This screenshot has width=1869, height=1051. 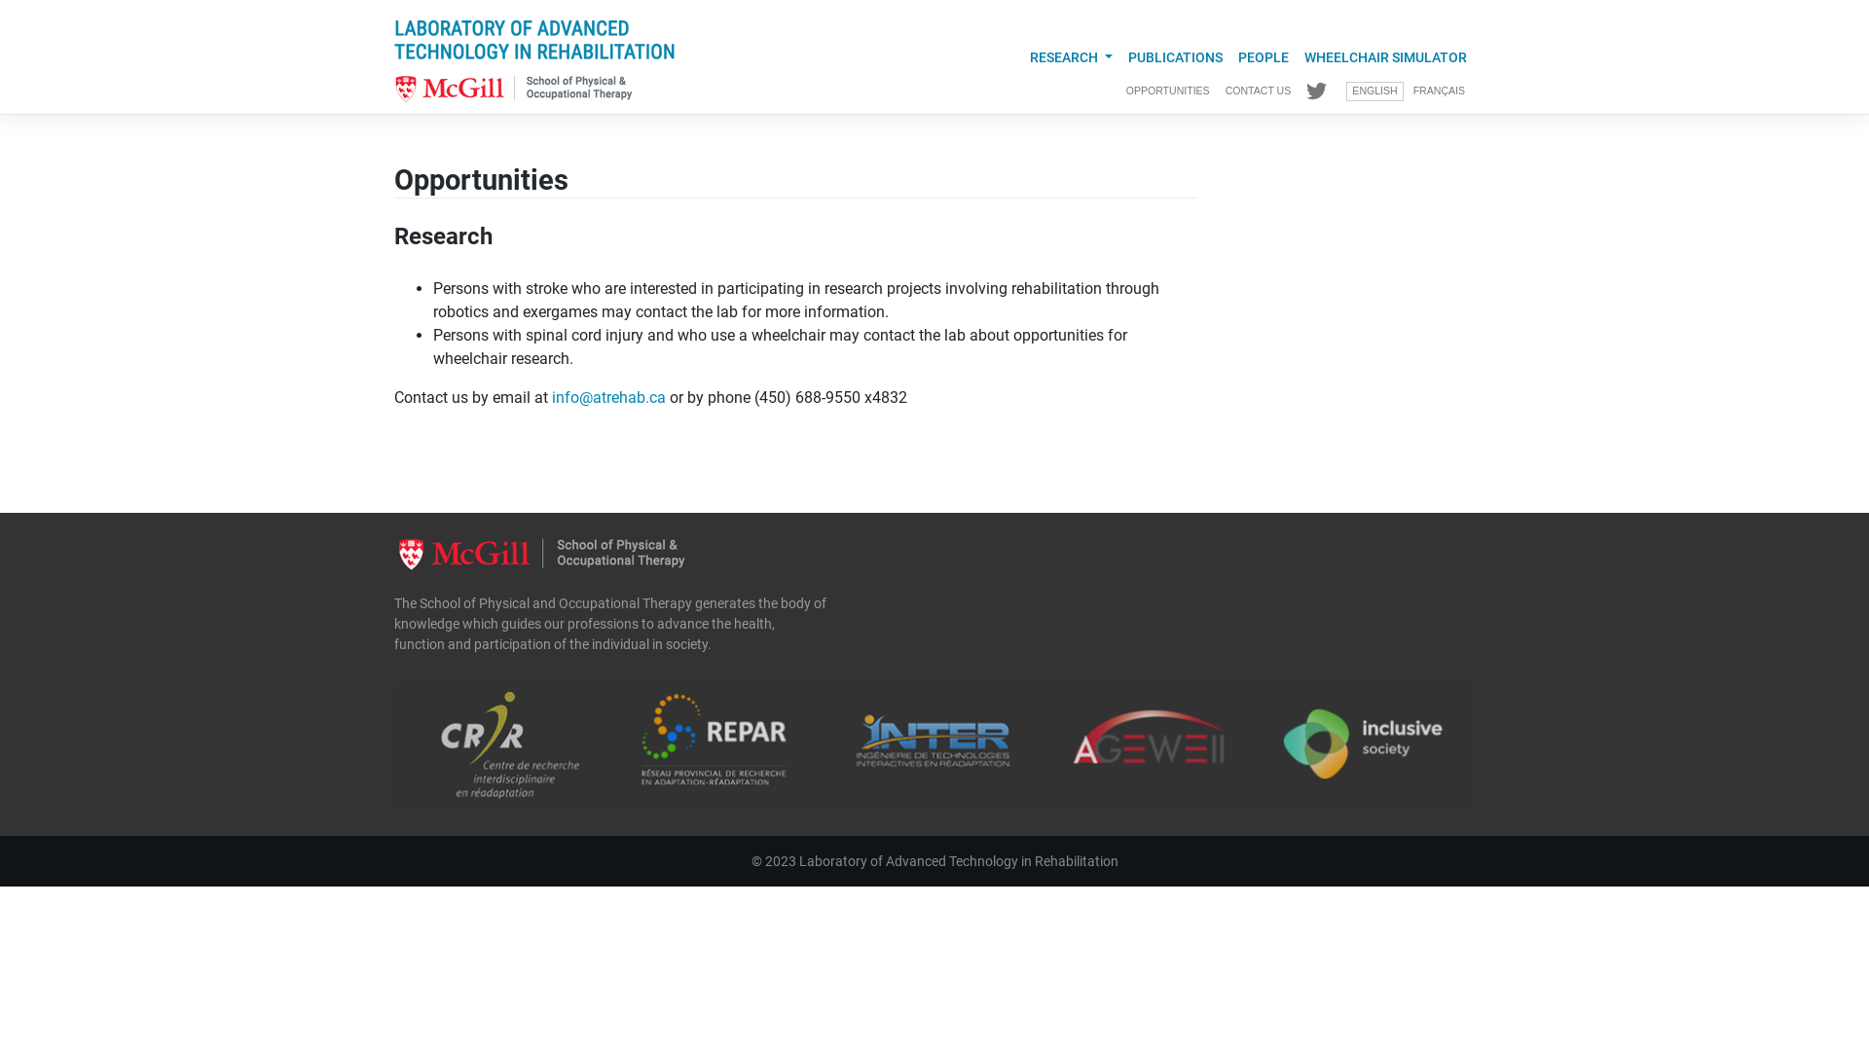 I want to click on 'RESEARCH', so click(x=1070, y=56).